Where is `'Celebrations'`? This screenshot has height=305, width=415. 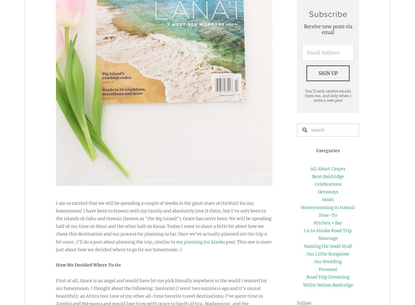 'Celebrations' is located at coordinates (328, 184).